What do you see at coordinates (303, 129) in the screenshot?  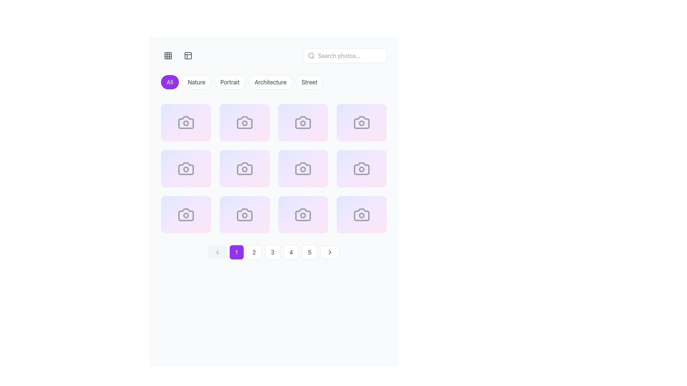 I see `the interactive control buttons for 'Photograph #3' located at the bottom center of the content card` at bounding box center [303, 129].